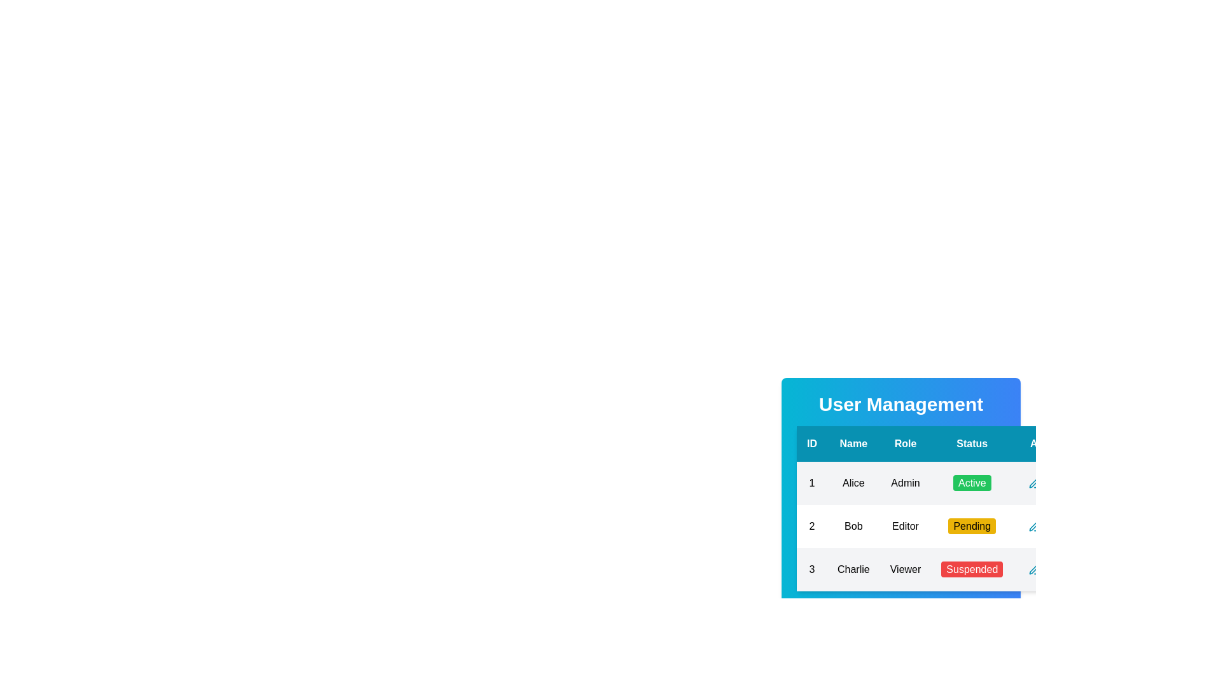 The height and width of the screenshot is (686, 1221). What do you see at coordinates (971, 483) in the screenshot?
I see `the 'Active' status indicator button with a green background and white text, which is located in the 'Status' column of the table for 'Alice - Admin'` at bounding box center [971, 483].